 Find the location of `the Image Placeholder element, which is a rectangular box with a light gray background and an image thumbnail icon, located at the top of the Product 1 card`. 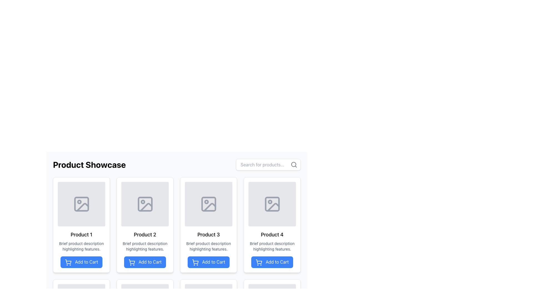

the Image Placeholder element, which is a rectangular box with a light gray background and an image thumbnail icon, located at the top of the Product 1 card is located at coordinates (81, 204).